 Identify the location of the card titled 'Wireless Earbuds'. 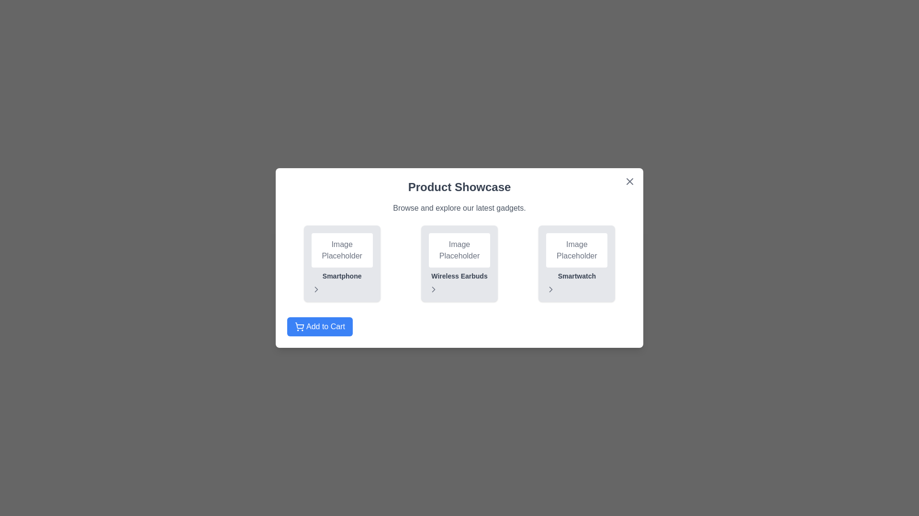
(459, 263).